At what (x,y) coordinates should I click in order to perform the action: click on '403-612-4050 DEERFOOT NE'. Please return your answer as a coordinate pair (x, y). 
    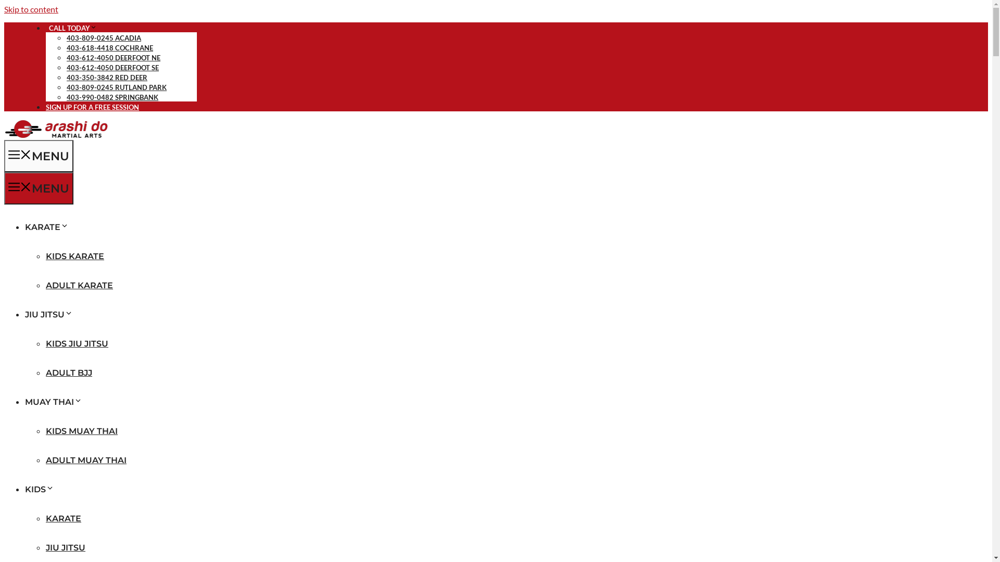
    Looking at the image, I should click on (113, 58).